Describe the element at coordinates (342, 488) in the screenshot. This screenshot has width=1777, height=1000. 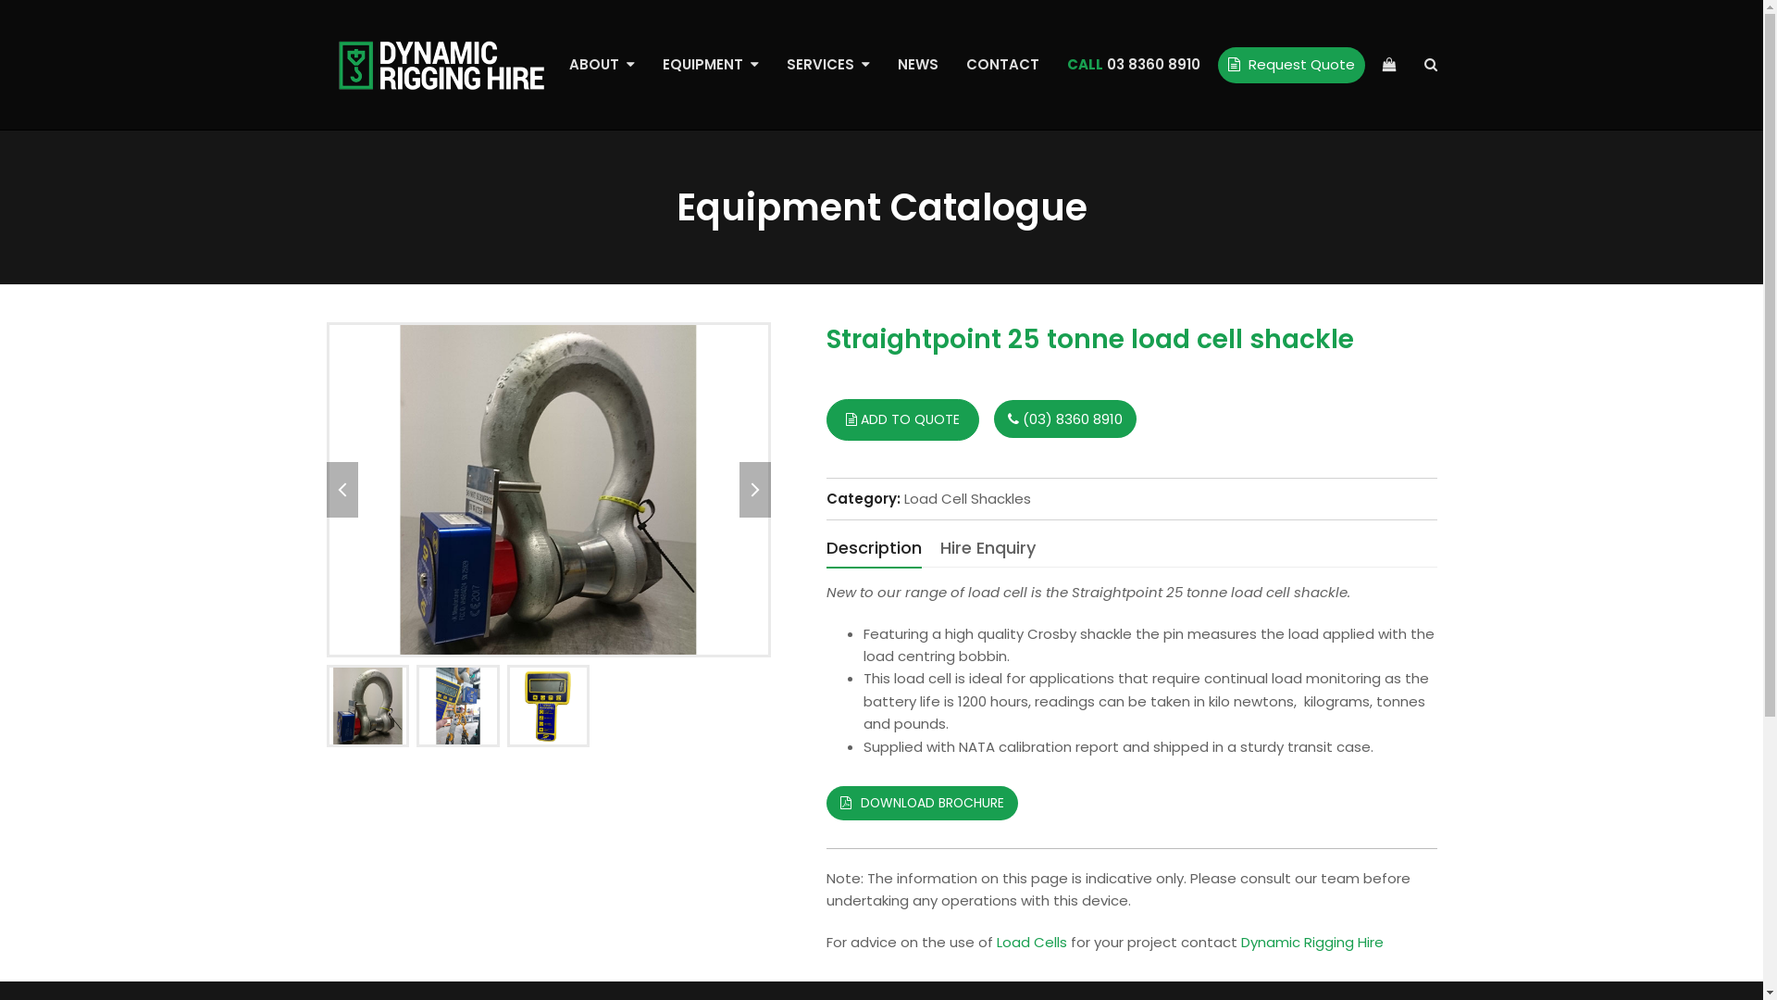
I see `'previous slide'` at that location.